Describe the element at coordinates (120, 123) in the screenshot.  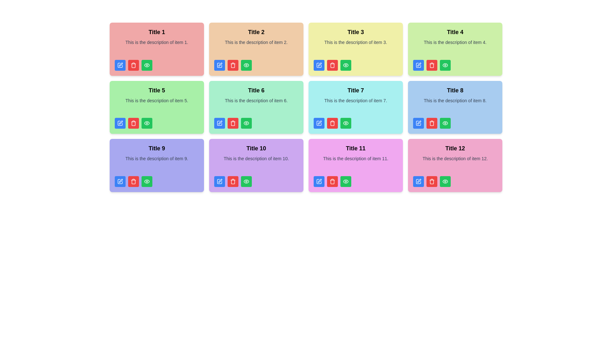
I see `the graphical part of the button icon that represents a pencil overlapping a square, styled with a simple blue line design, located within the blue button at the bottom-left corner of the card labeled 'Title 5'` at that location.